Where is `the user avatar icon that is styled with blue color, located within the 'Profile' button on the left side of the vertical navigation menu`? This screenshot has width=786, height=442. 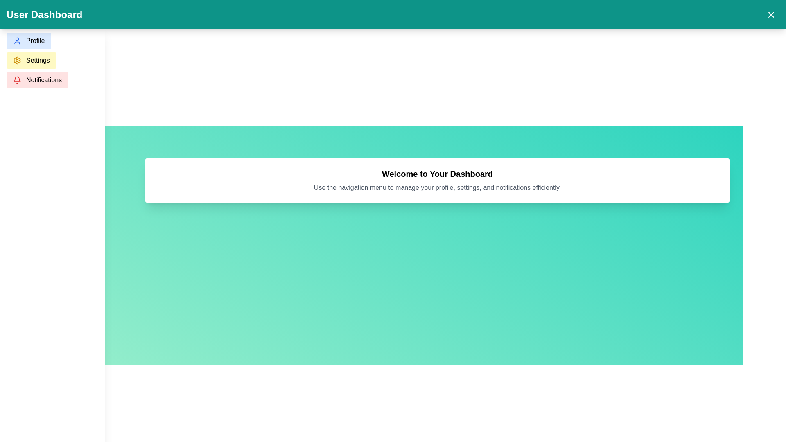 the user avatar icon that is styled with blue color, located within the 'Profile' button on the left side of the vertical navigation menu is located at coordinates (17, 41).